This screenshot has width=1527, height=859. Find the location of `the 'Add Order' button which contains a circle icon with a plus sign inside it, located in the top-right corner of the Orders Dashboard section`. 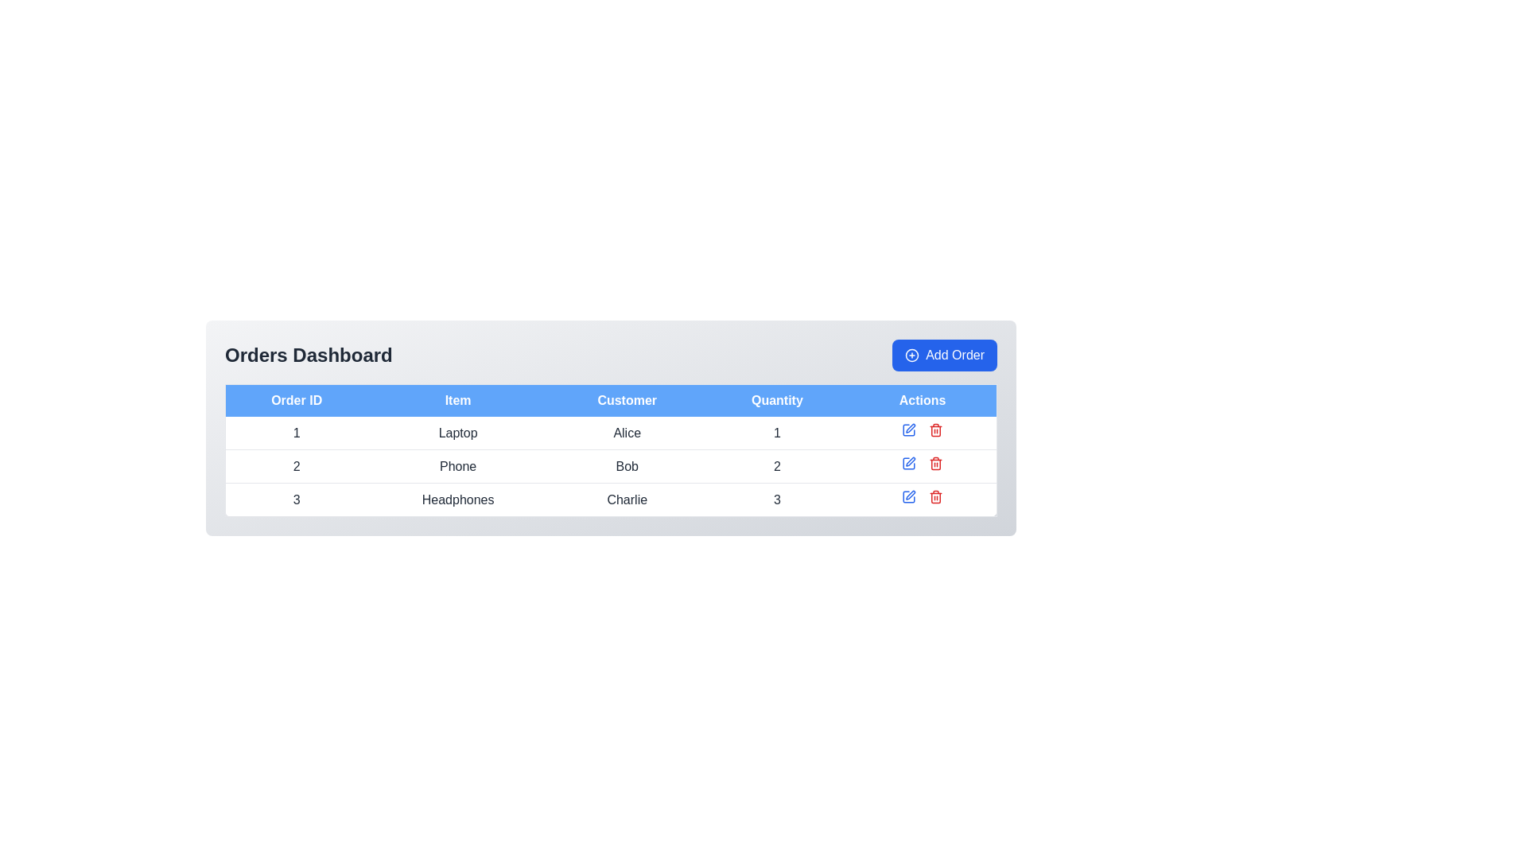

the 'Add Order' button which contains a circle icon with a plus sign inside it, located in the top-right corner of the Orders Dashboard section is located at coordinates (912, 355).